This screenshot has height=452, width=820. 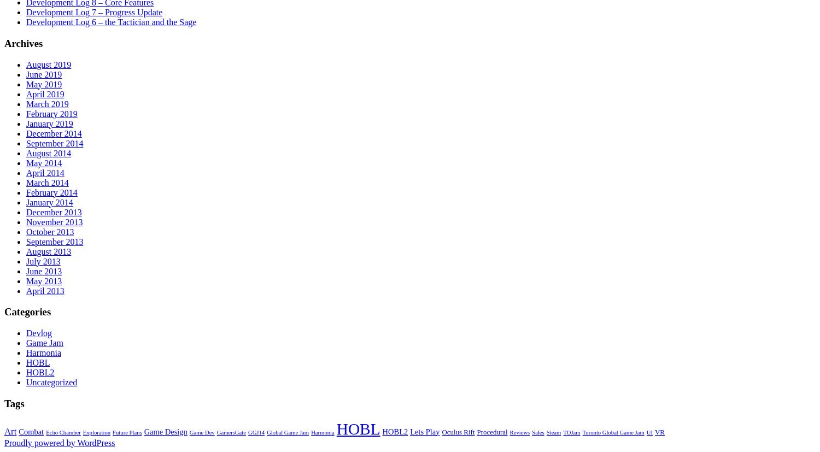 I want to click on 'Art', so click(x=10, y=431).